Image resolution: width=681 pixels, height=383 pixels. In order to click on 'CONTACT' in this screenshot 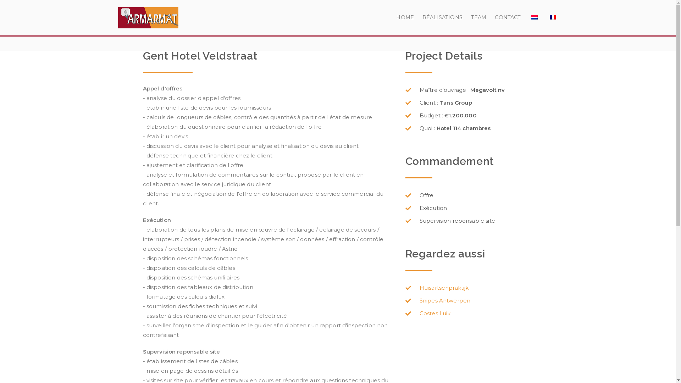, I will do `click(494, 17)`.